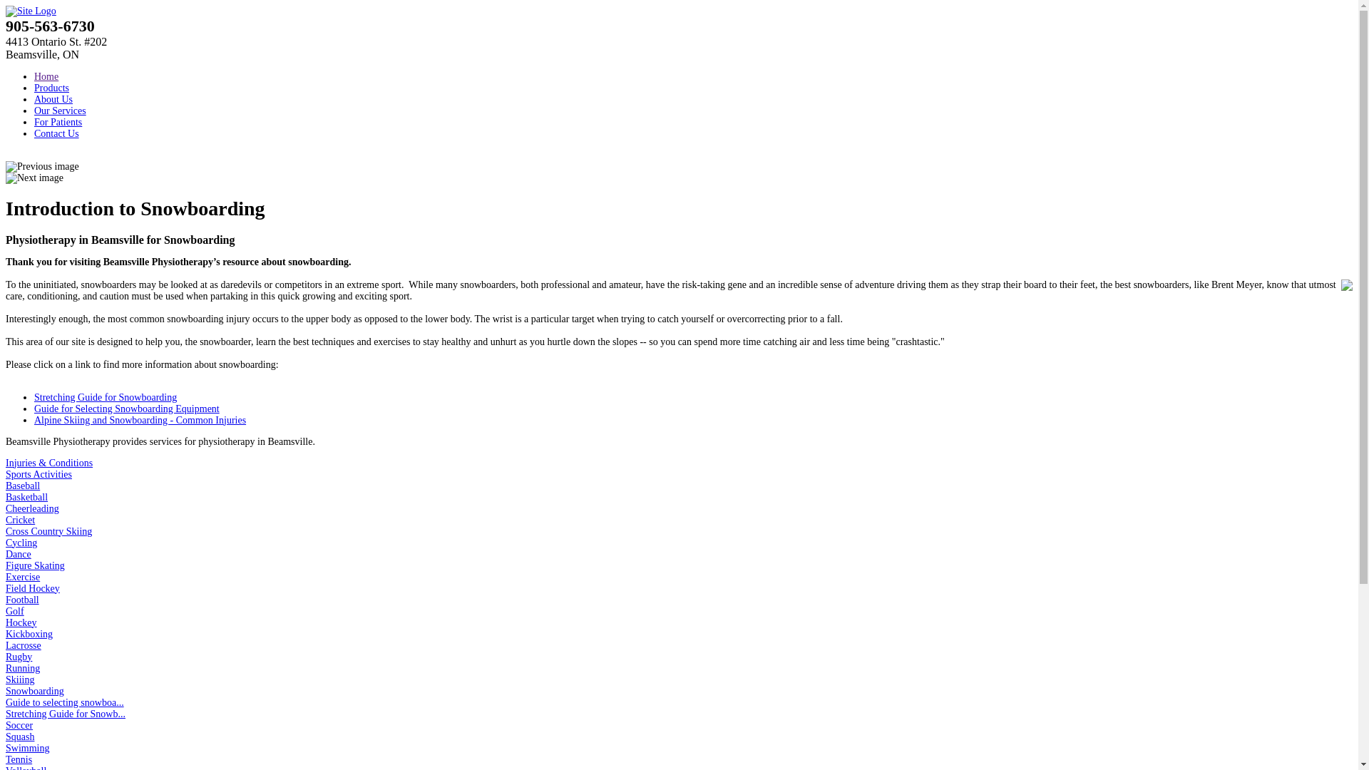 This screenshot has width=1369, height=770. I want to click on 'Guide for Selecting Snowboarding Equipment', so click(126, 409).